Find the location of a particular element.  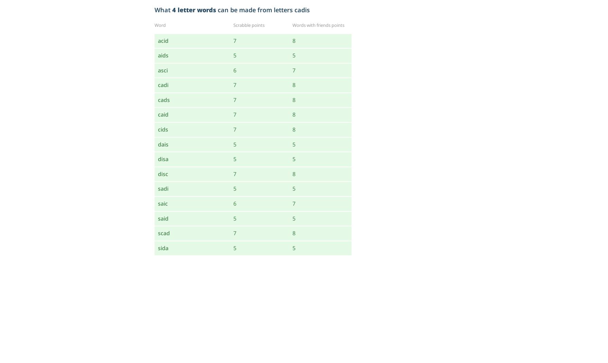

'cids' is located at coordinates (158, 129).